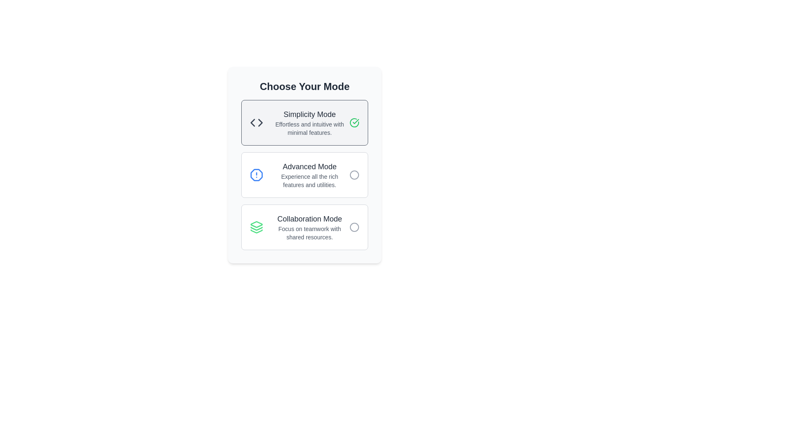 The height and width of the screenshot is (448, 796). Describe the element at coordinates (309, 114) in the screenshot. I see `the 'Simplicity Mode' text label, which is prominently displayed in gray with a large font size, located at the top of the first mode selection option` at that location.